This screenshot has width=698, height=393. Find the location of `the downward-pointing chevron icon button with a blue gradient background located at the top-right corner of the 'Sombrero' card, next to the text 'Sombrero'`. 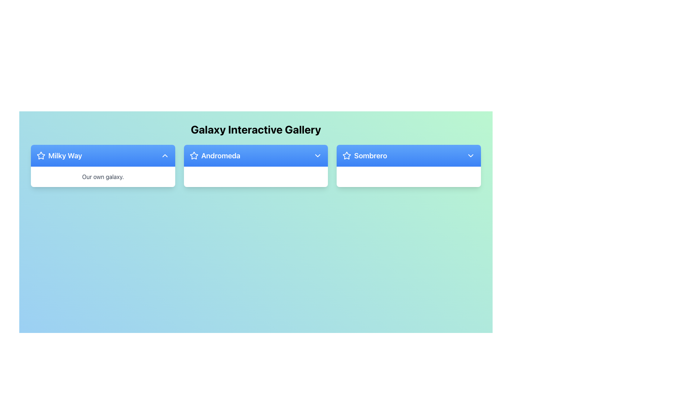

the downward-pointing chevron icon button with a blue gradient background located at the top-right corner of the 'Sombrero' card, next to the text 'Sombrero' is located at coordinates (471, 155).